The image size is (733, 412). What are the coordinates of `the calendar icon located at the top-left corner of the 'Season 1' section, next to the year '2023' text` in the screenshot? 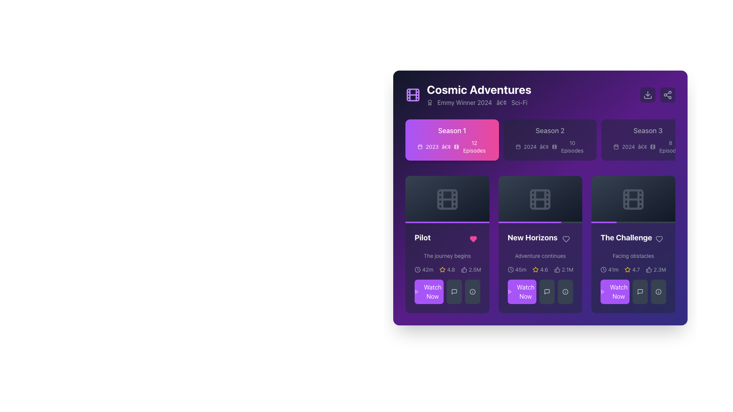 It's located at (419, 147).